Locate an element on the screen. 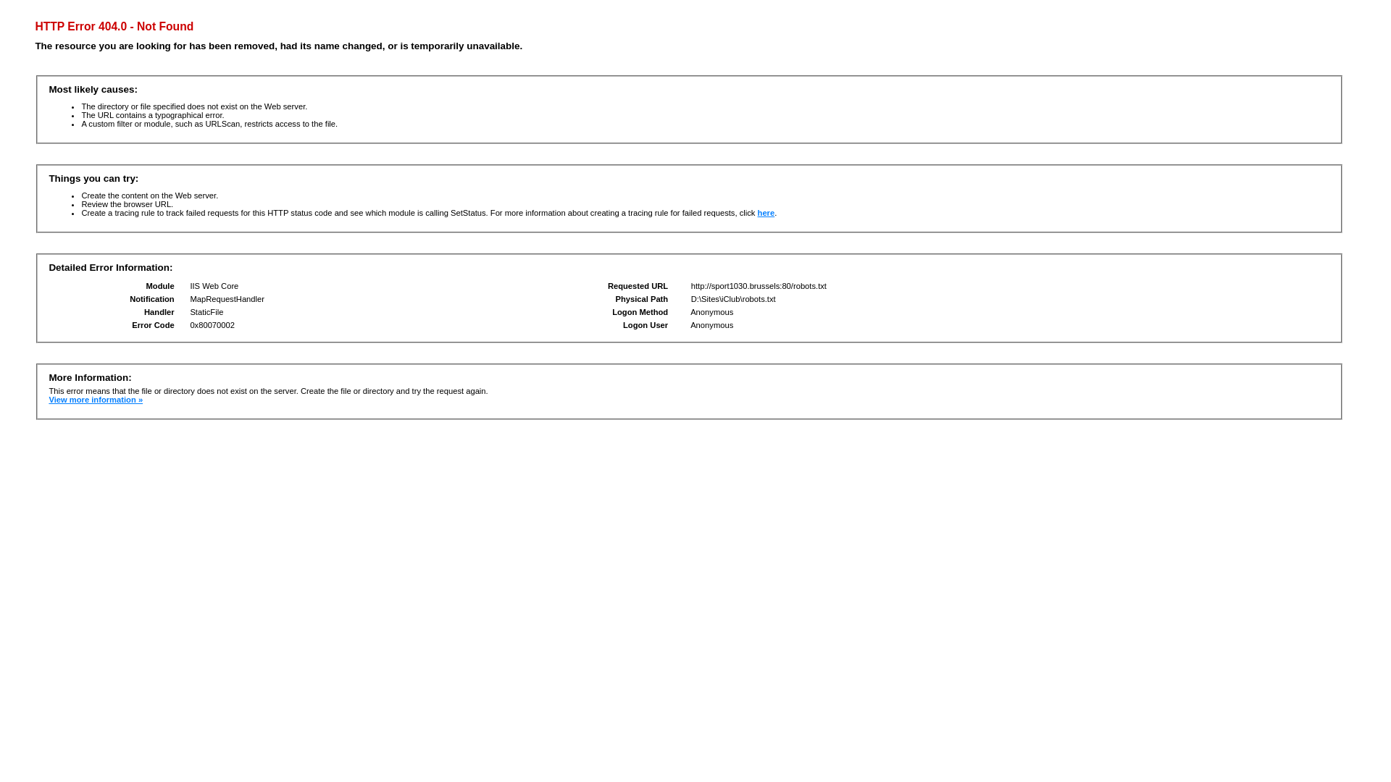 The width and height of the screenshot is (1391, 782). 'here' is located at coordinates (765, 212).